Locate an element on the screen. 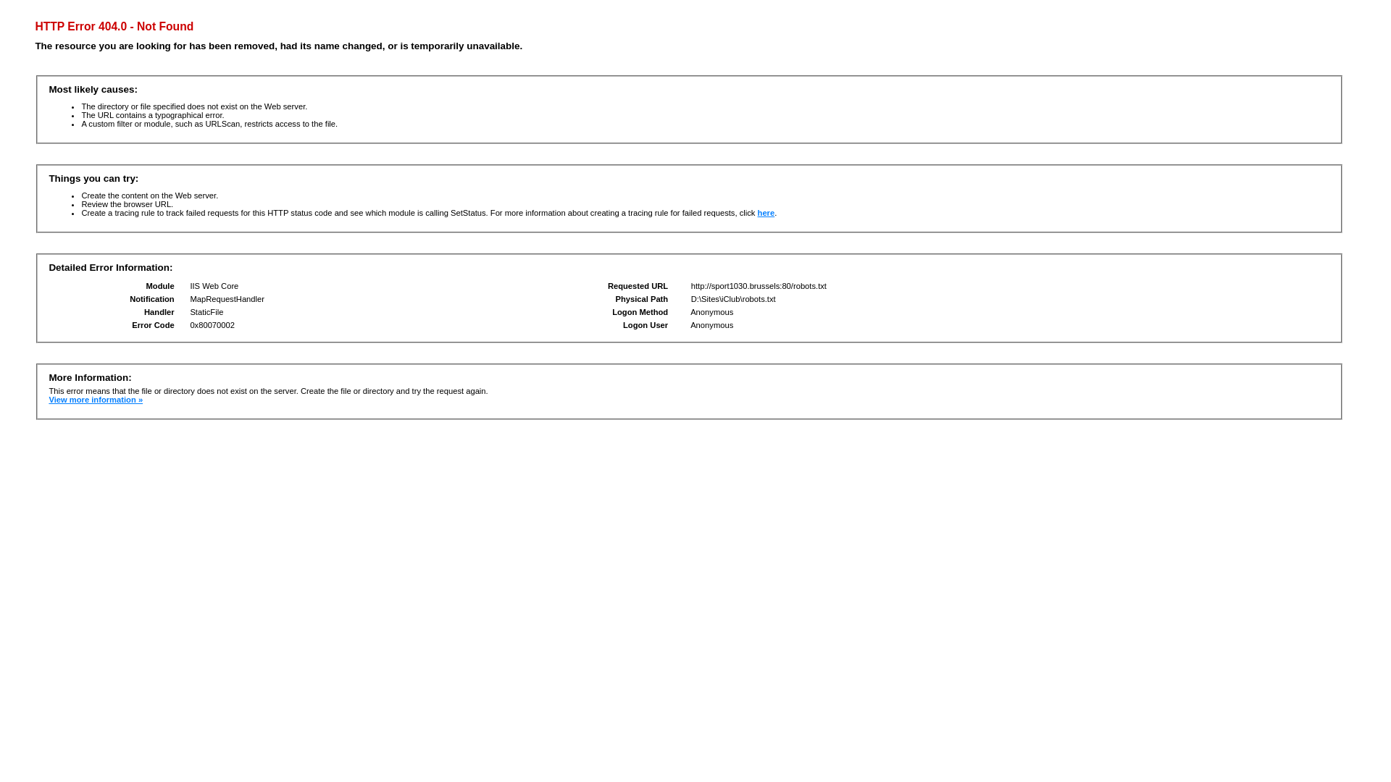 The width and height of the screenshot is (1391, 782). 'here' is located at coordinates (765, 212).